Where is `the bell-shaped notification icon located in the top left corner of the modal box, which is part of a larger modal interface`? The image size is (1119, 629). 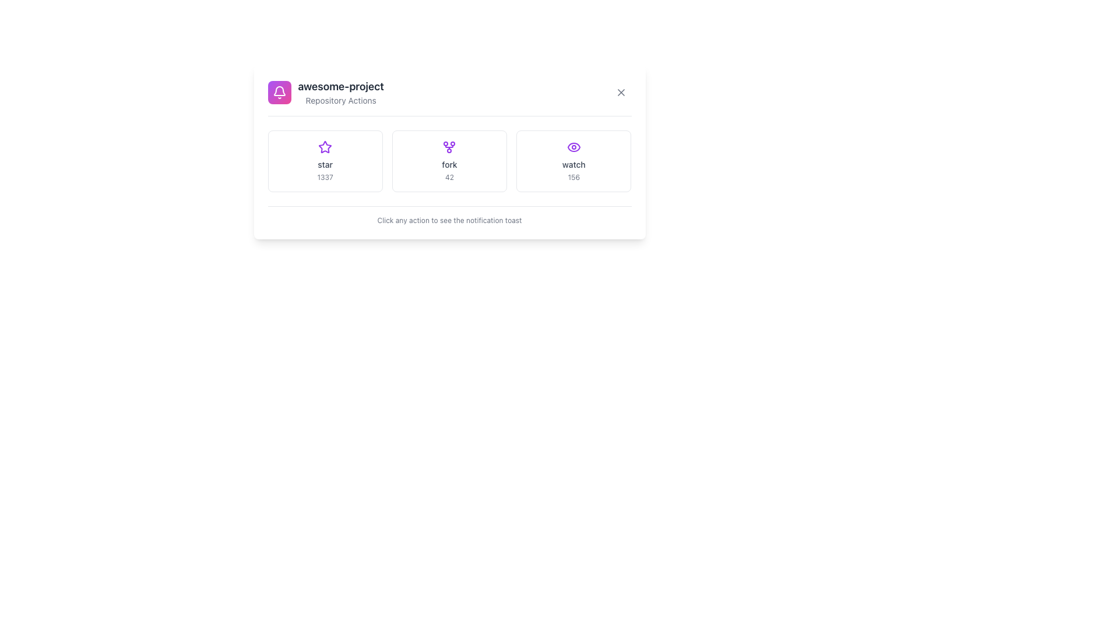 the bell-shaped notification icon located in the top left corner of the modal box, which is part of a larger modal interface is located at coordinates (279, 91).